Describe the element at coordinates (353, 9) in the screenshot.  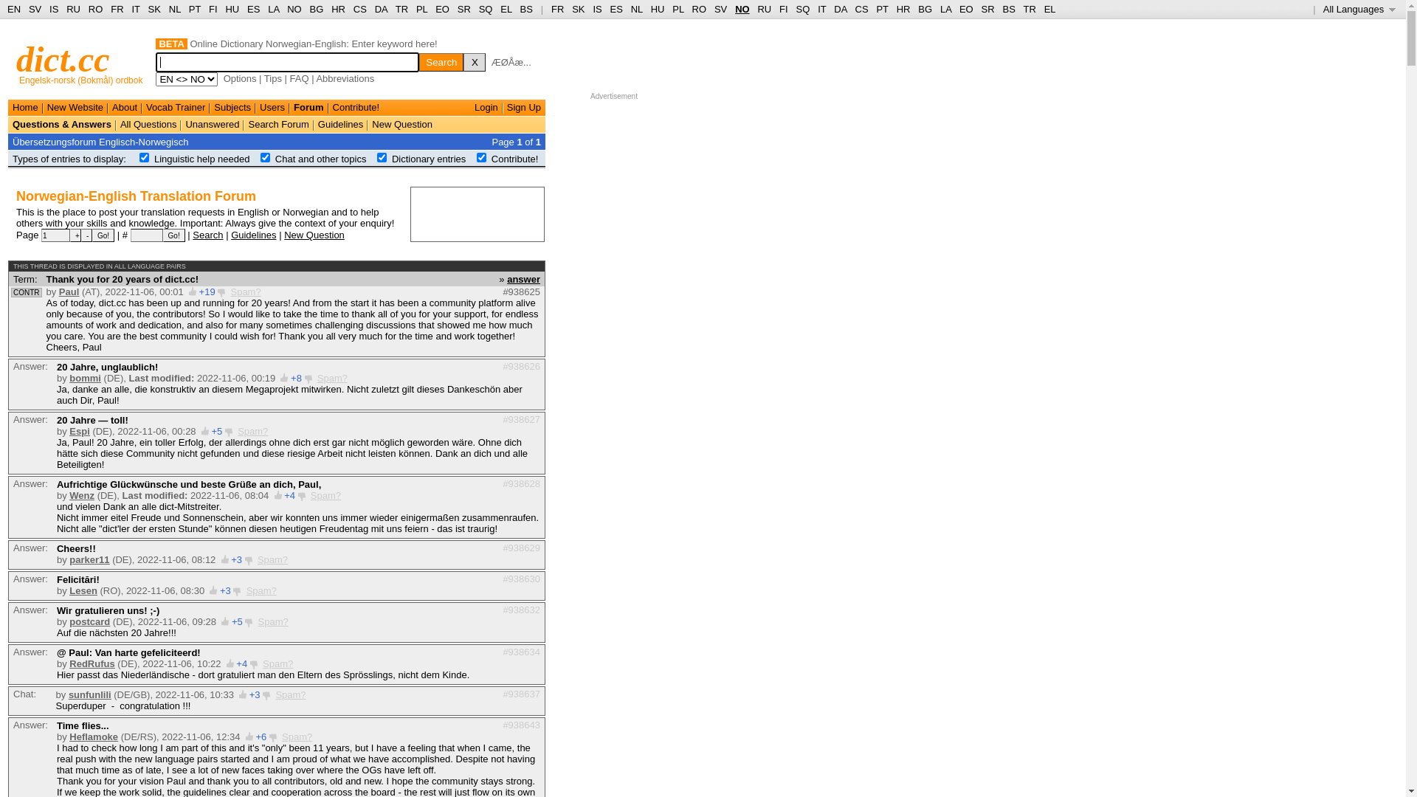
I see `'CS'` at that location.